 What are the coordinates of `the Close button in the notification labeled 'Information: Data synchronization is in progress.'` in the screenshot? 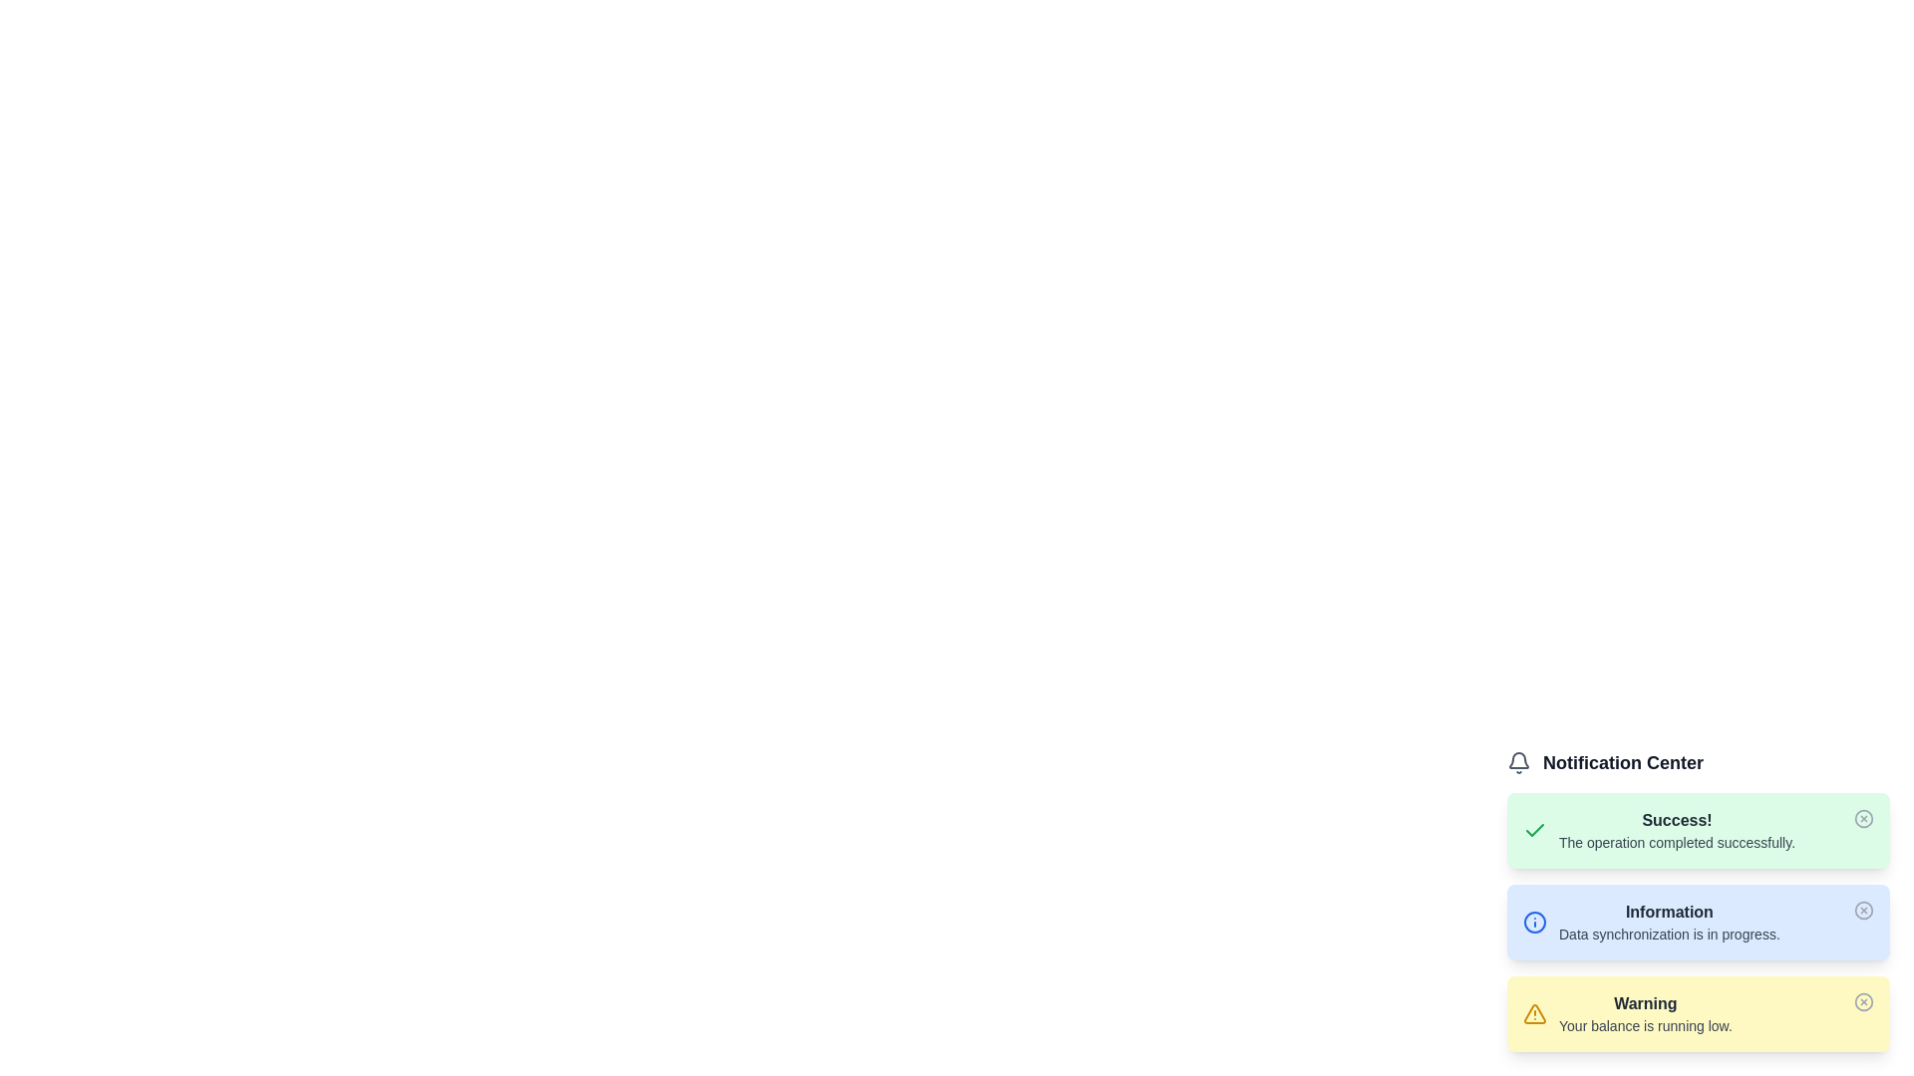 It's located at (1863, 911).